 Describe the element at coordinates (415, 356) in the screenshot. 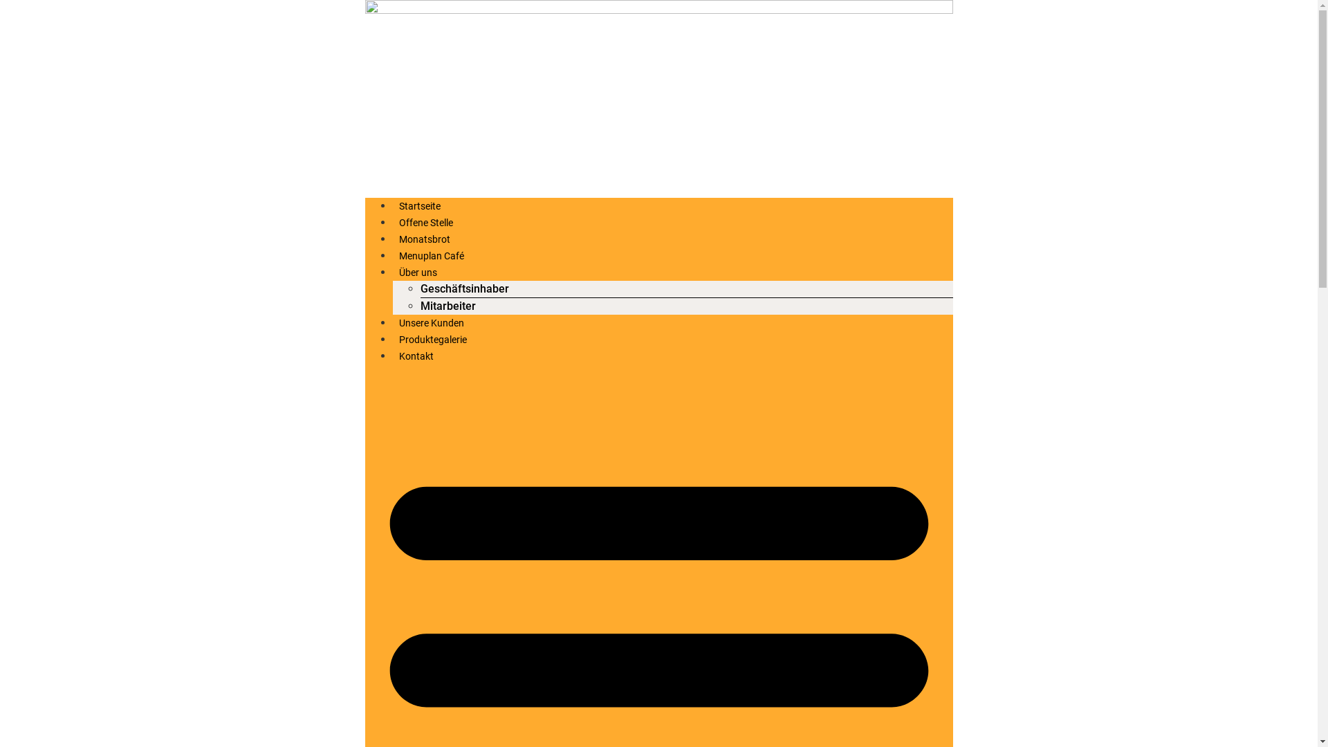

I see `'Kontakt'` at that location.